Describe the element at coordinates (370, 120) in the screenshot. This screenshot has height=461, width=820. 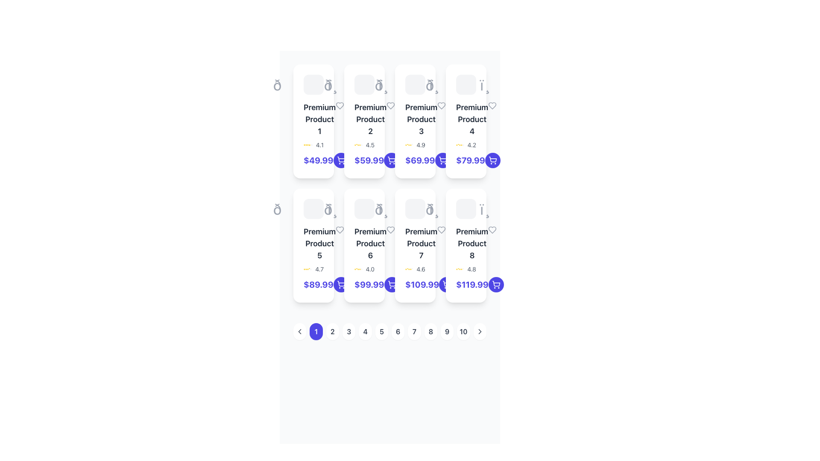
I see `text label displaying 'Premium Product 2' for product identification, located in the second card of a multi-column grid layout, styled with bold font and dark gray color against a white background` at that location.